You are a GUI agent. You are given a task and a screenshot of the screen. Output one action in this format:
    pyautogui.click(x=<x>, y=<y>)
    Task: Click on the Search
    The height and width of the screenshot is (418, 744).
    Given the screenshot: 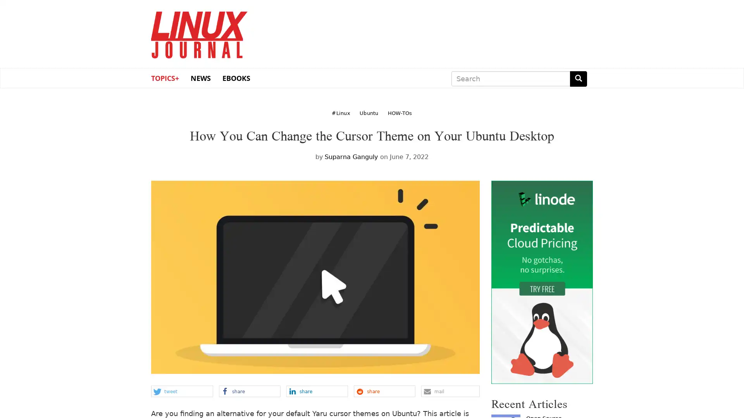 What is the action you would take?
    pyautogui.click(x=578, y=79)
    